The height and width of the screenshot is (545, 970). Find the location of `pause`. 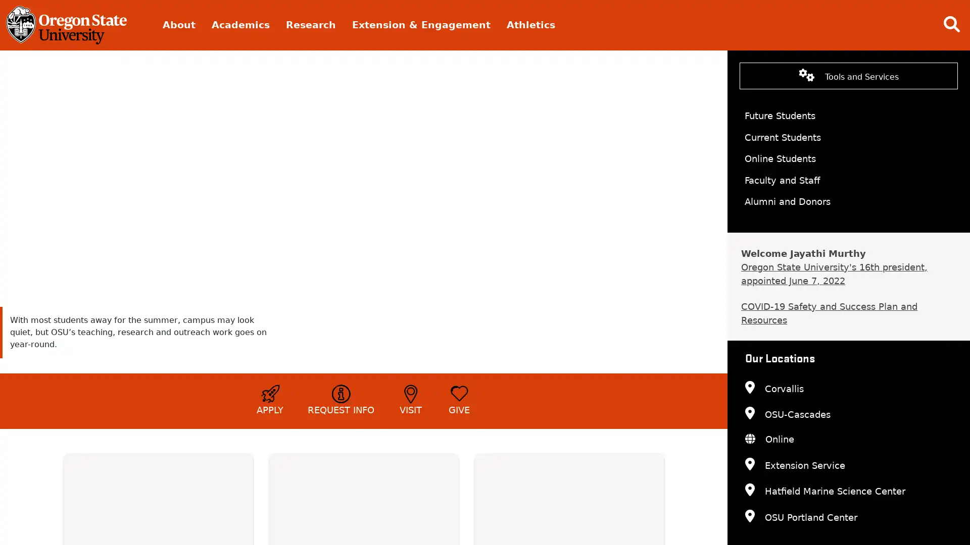

pause is located at coordinates (17, 70).